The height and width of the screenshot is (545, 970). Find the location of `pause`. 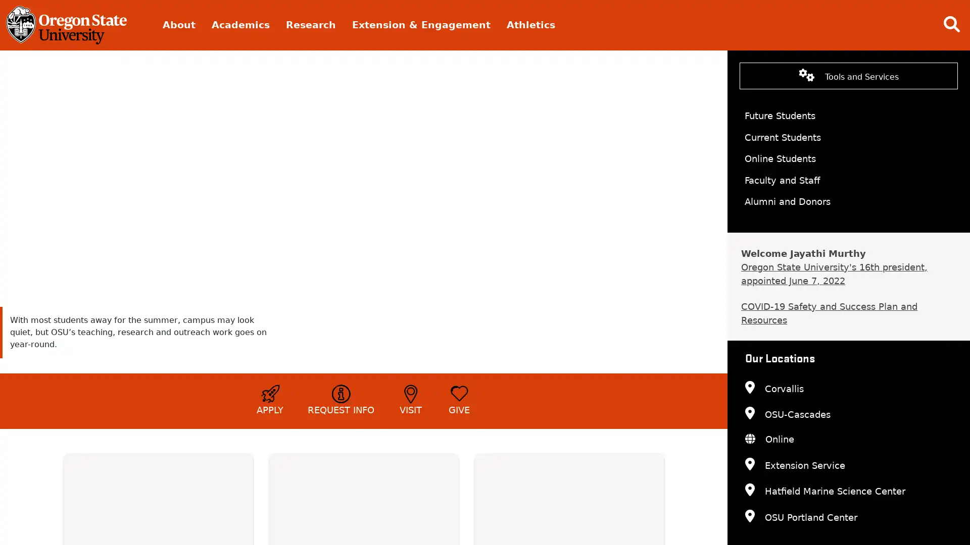

pause is located at coordinates (17, 70).